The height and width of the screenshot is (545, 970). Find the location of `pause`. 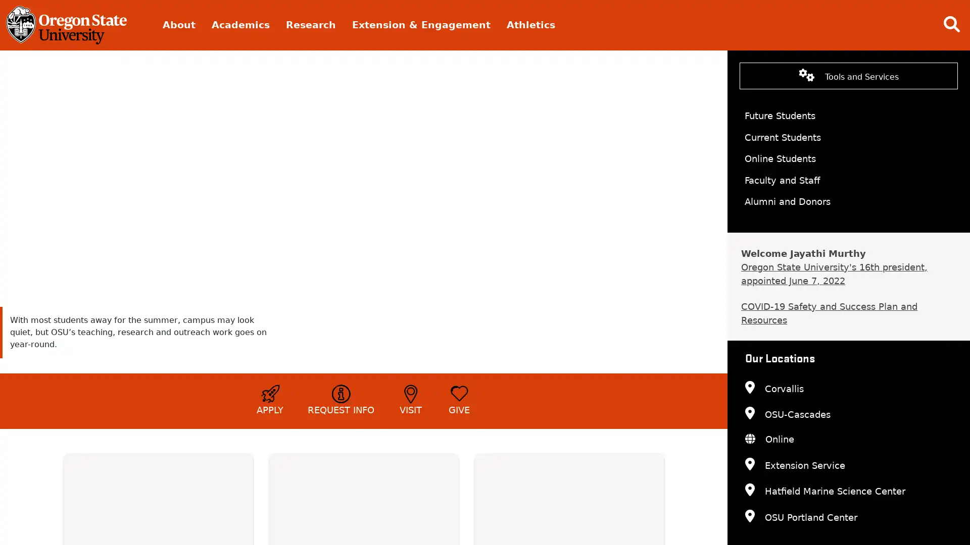

pause is located at coordinates (17, 70).